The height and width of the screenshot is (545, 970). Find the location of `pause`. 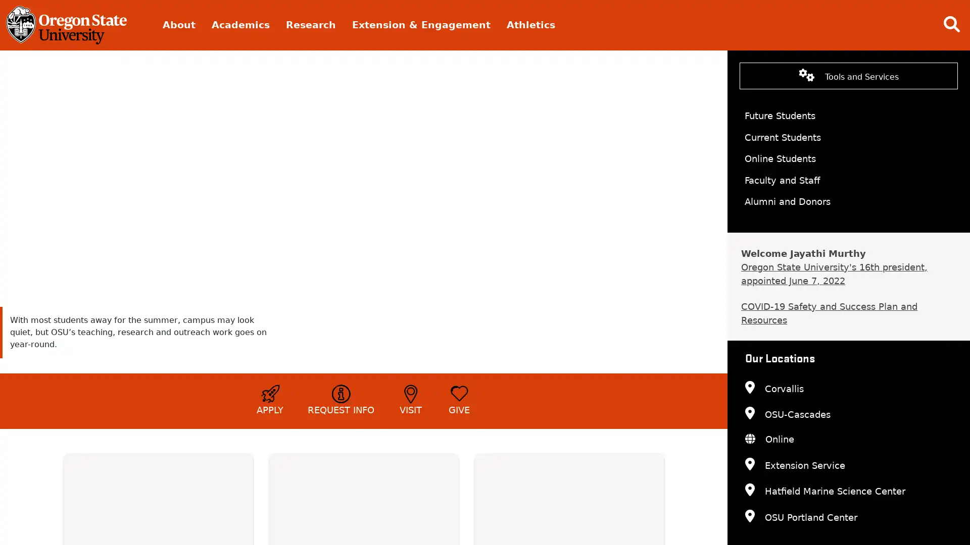

pause is located at coordinates (17, 70).